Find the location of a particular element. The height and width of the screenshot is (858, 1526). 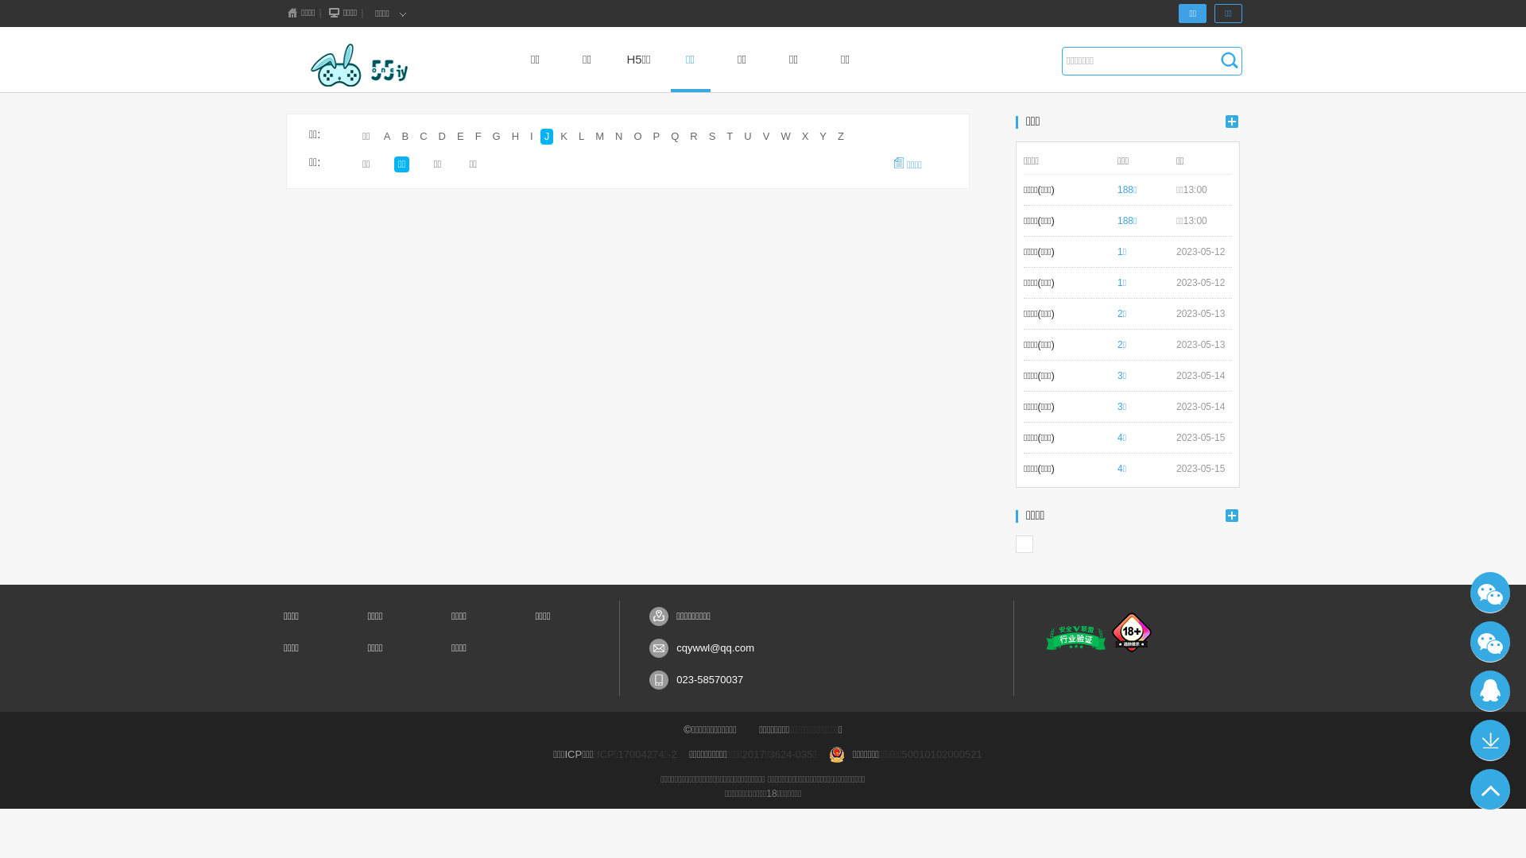

'R' is located at coordinates (693, 136).